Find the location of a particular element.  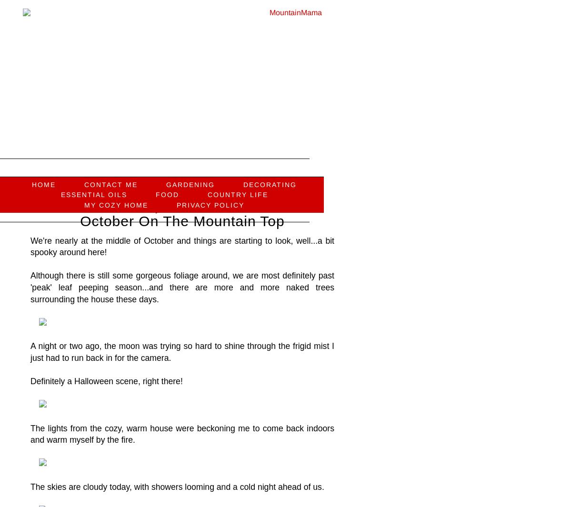

'Definitely a Halloween scene, right there!' is located at coordinates (106, 381).